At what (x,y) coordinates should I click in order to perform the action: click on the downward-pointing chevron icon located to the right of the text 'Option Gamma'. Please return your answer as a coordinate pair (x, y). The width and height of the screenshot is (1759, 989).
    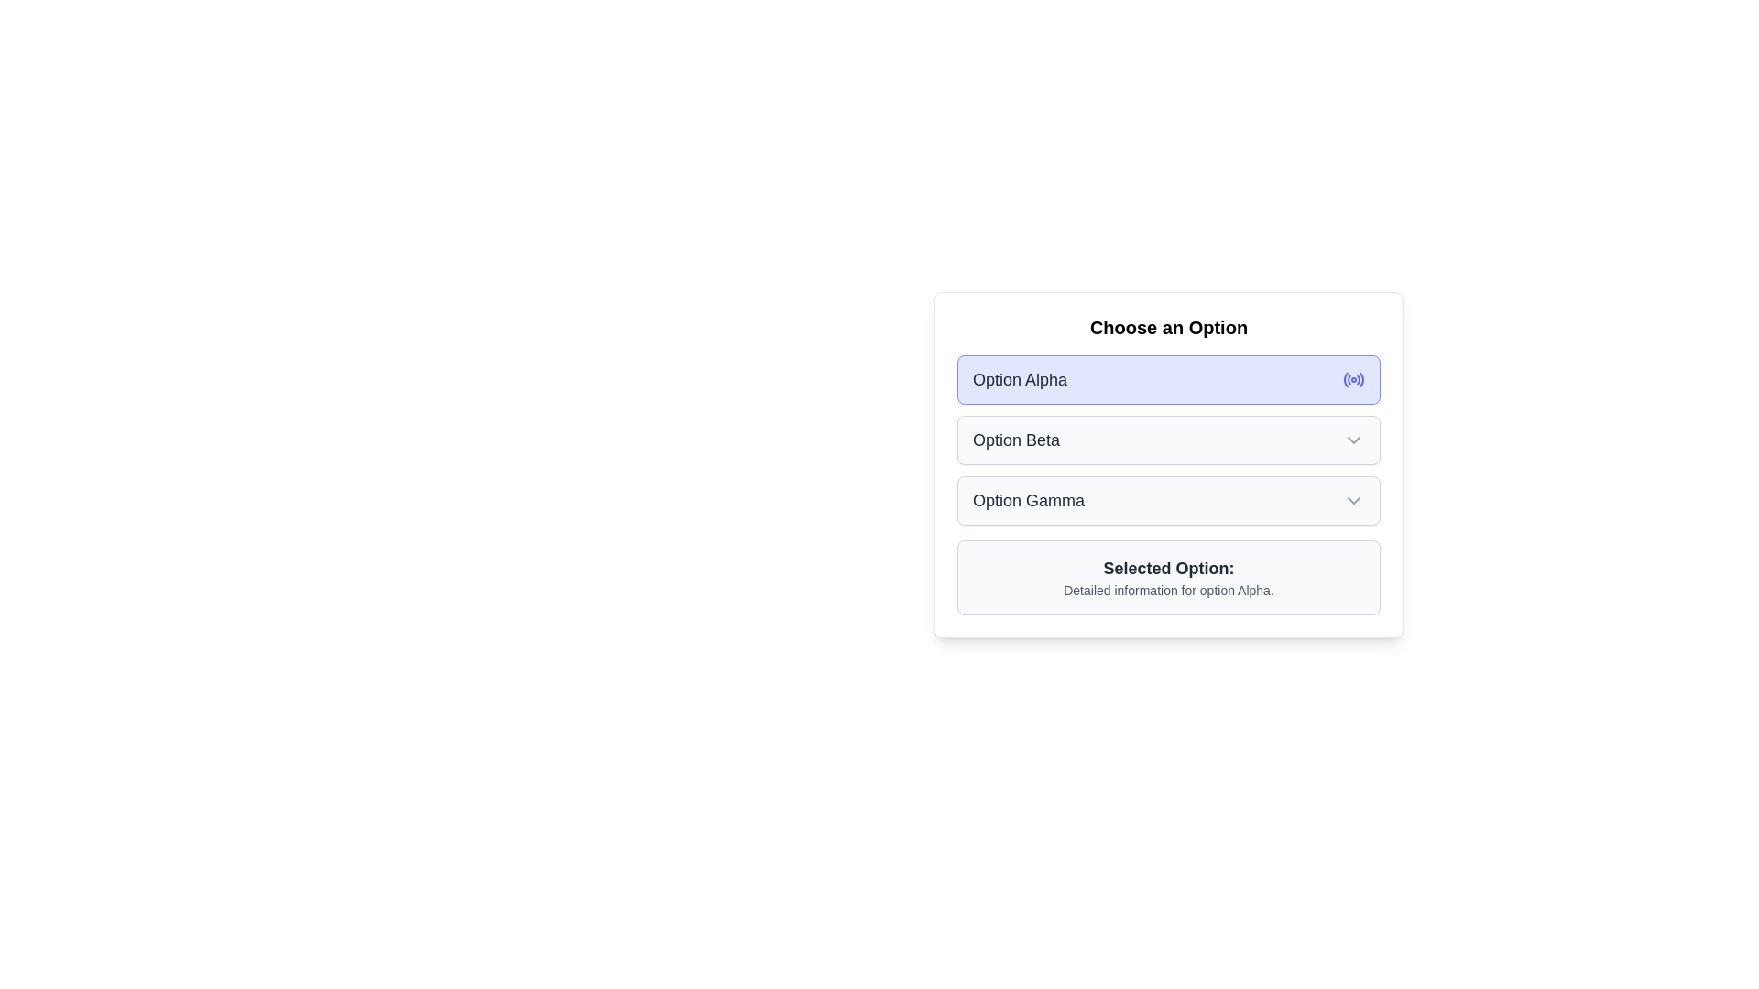
    Looking at the image, I should click on (1354, 501).